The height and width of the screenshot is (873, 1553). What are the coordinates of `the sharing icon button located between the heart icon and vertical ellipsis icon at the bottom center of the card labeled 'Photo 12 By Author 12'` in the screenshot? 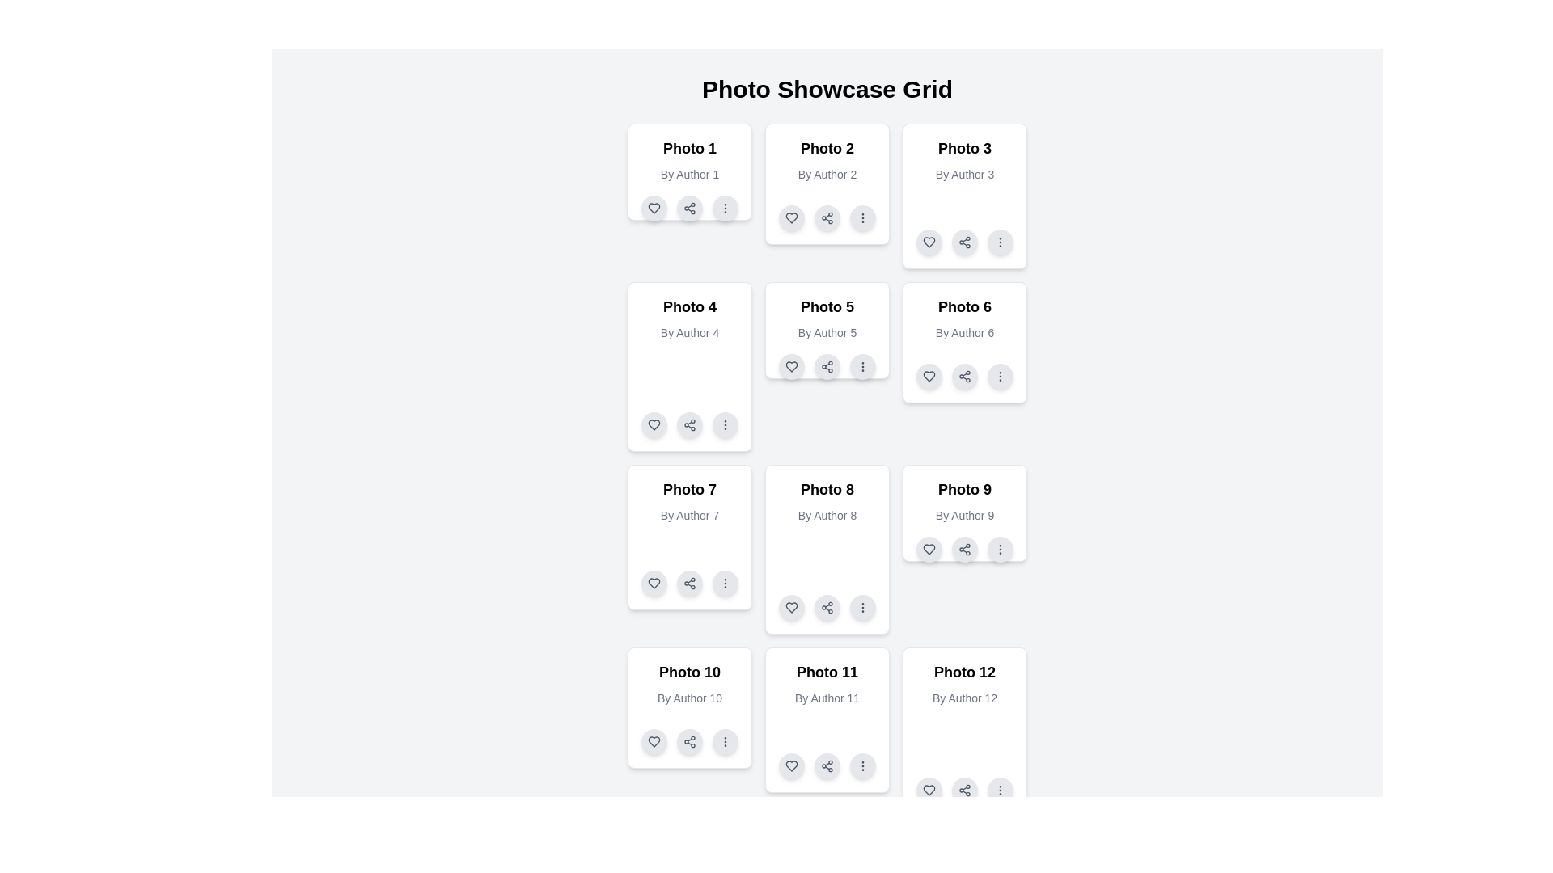 It's located at (965, 790).